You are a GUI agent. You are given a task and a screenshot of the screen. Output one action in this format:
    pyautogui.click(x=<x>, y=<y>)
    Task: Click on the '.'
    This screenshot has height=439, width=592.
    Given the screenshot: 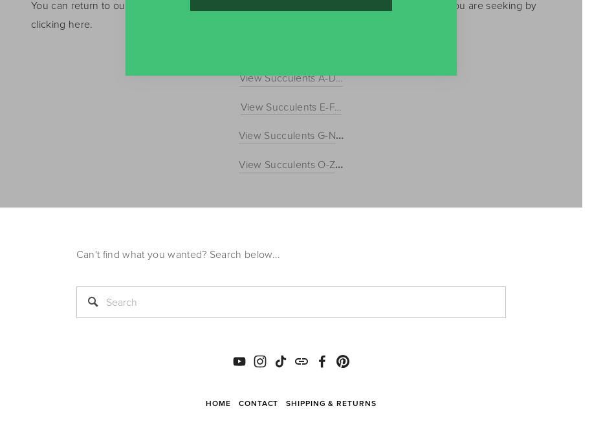 What is the action you would take?
    pyautogui.click(x=91, y=23)
    